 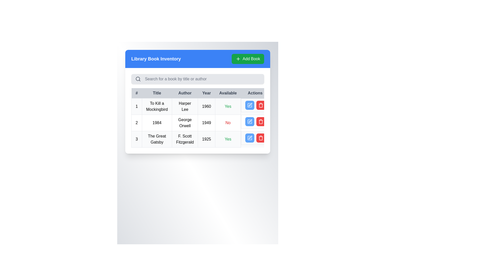 I want to click on the text element displaying 'No' in red color, located in the 'Available' column of the second row corresponding to the book '1984', so click(x=228, y=123).